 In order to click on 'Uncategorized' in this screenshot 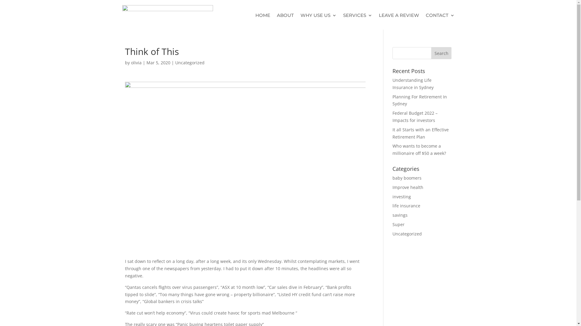, I will do `click(174, 62)`.